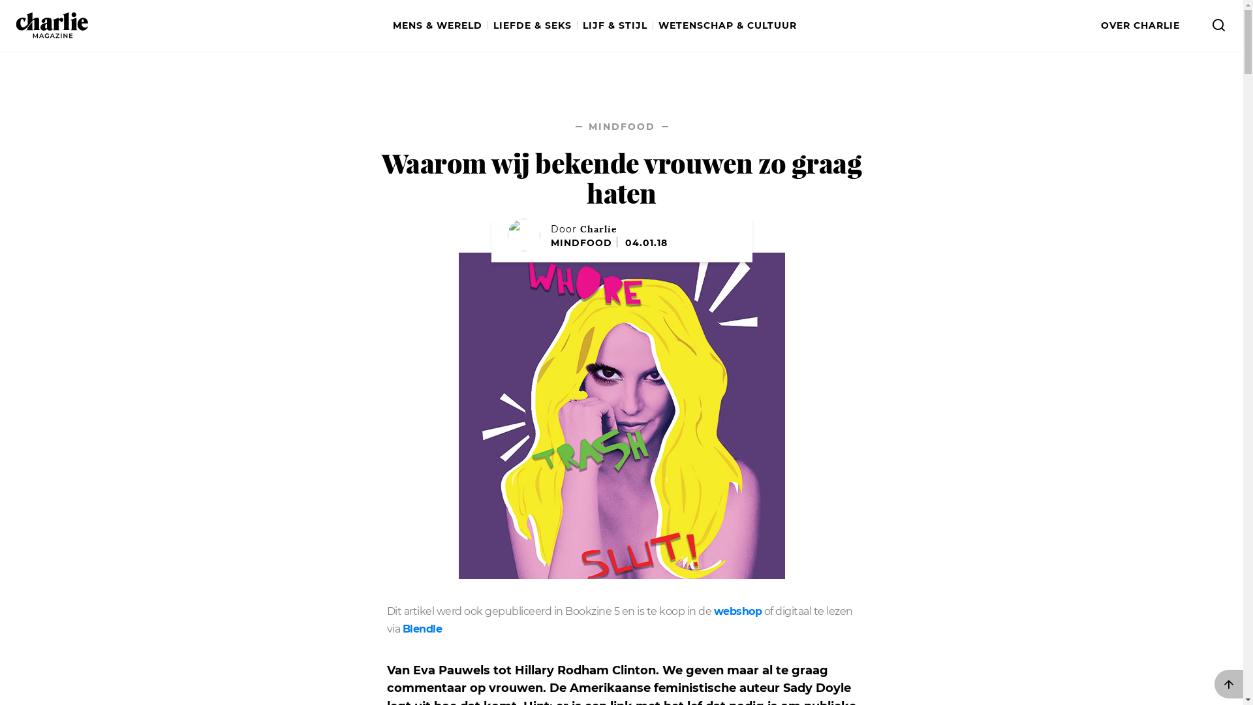  Describe the element at coordinates (726, 25) in the screenshot. I see `'WETENSCHAP & CULTUUR'` at that location.